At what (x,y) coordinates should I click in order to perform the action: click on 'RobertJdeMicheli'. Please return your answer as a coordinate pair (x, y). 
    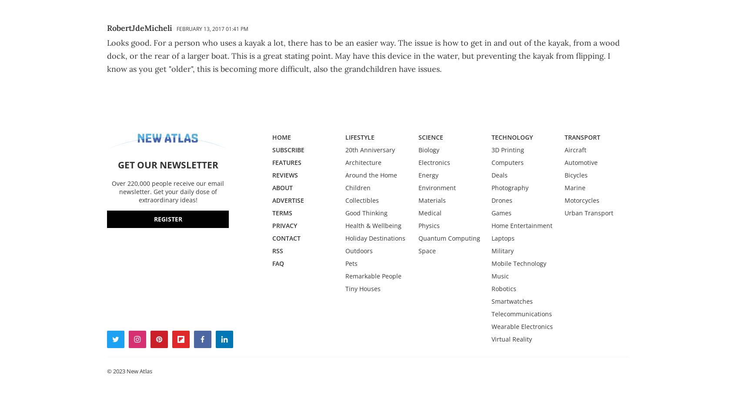
    Looking at the image, I should click on (107, 28).